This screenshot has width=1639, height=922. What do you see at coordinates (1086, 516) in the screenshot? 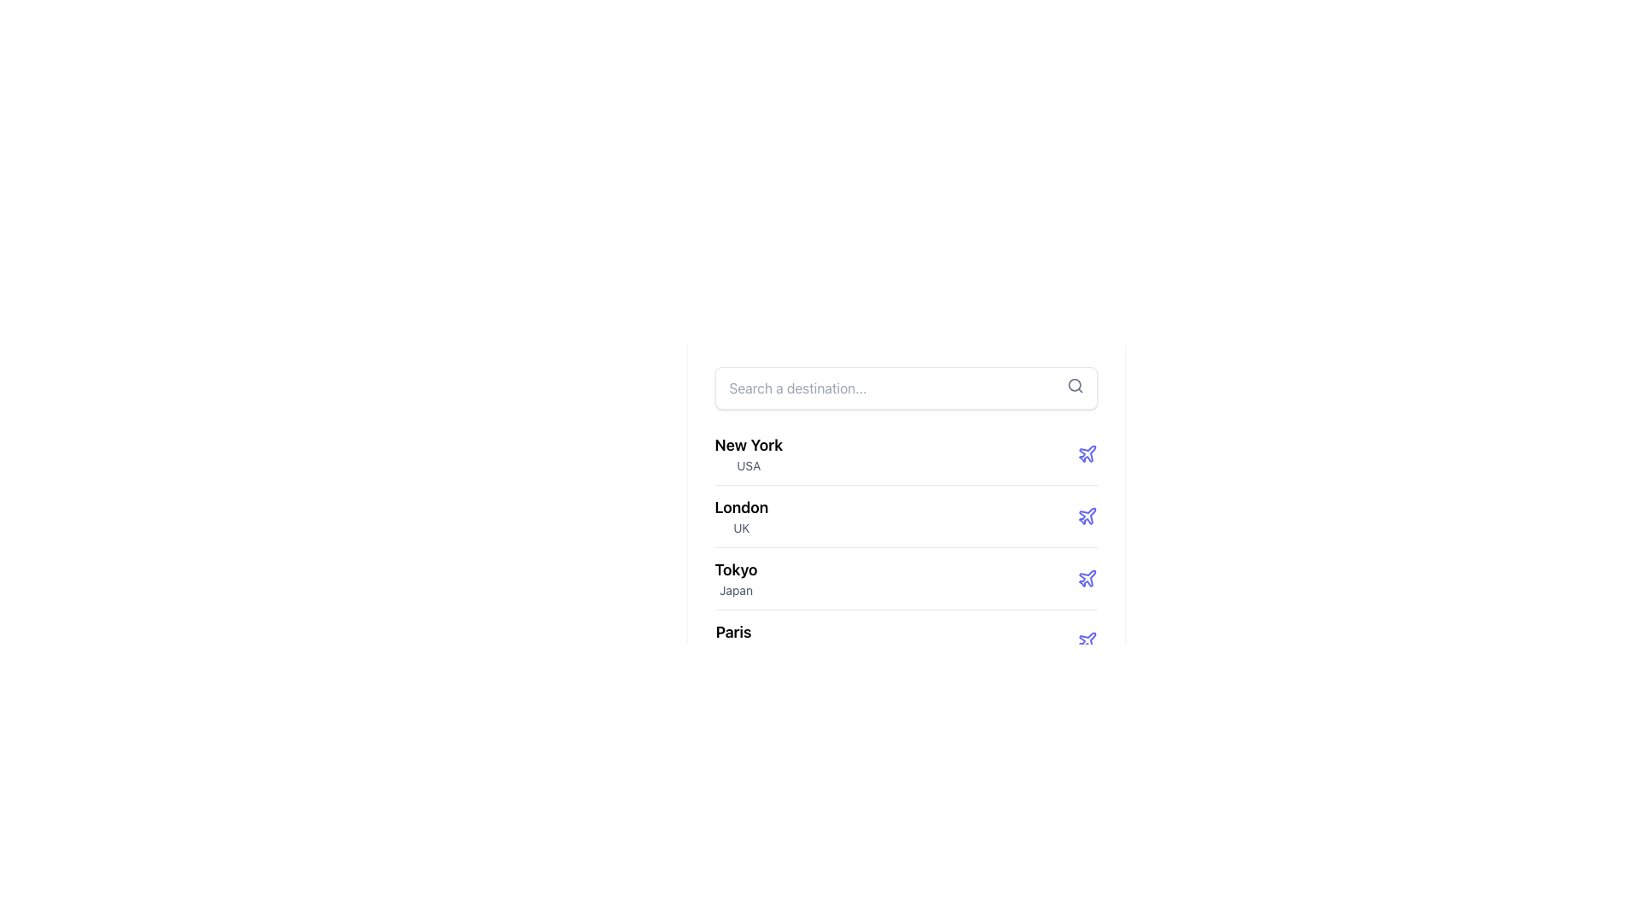
I see `the plane icon located at the far right end of the list item labeled 'London' and 'UK', which is part of a series of travel-related icons` at bounding box center [1086, 516].